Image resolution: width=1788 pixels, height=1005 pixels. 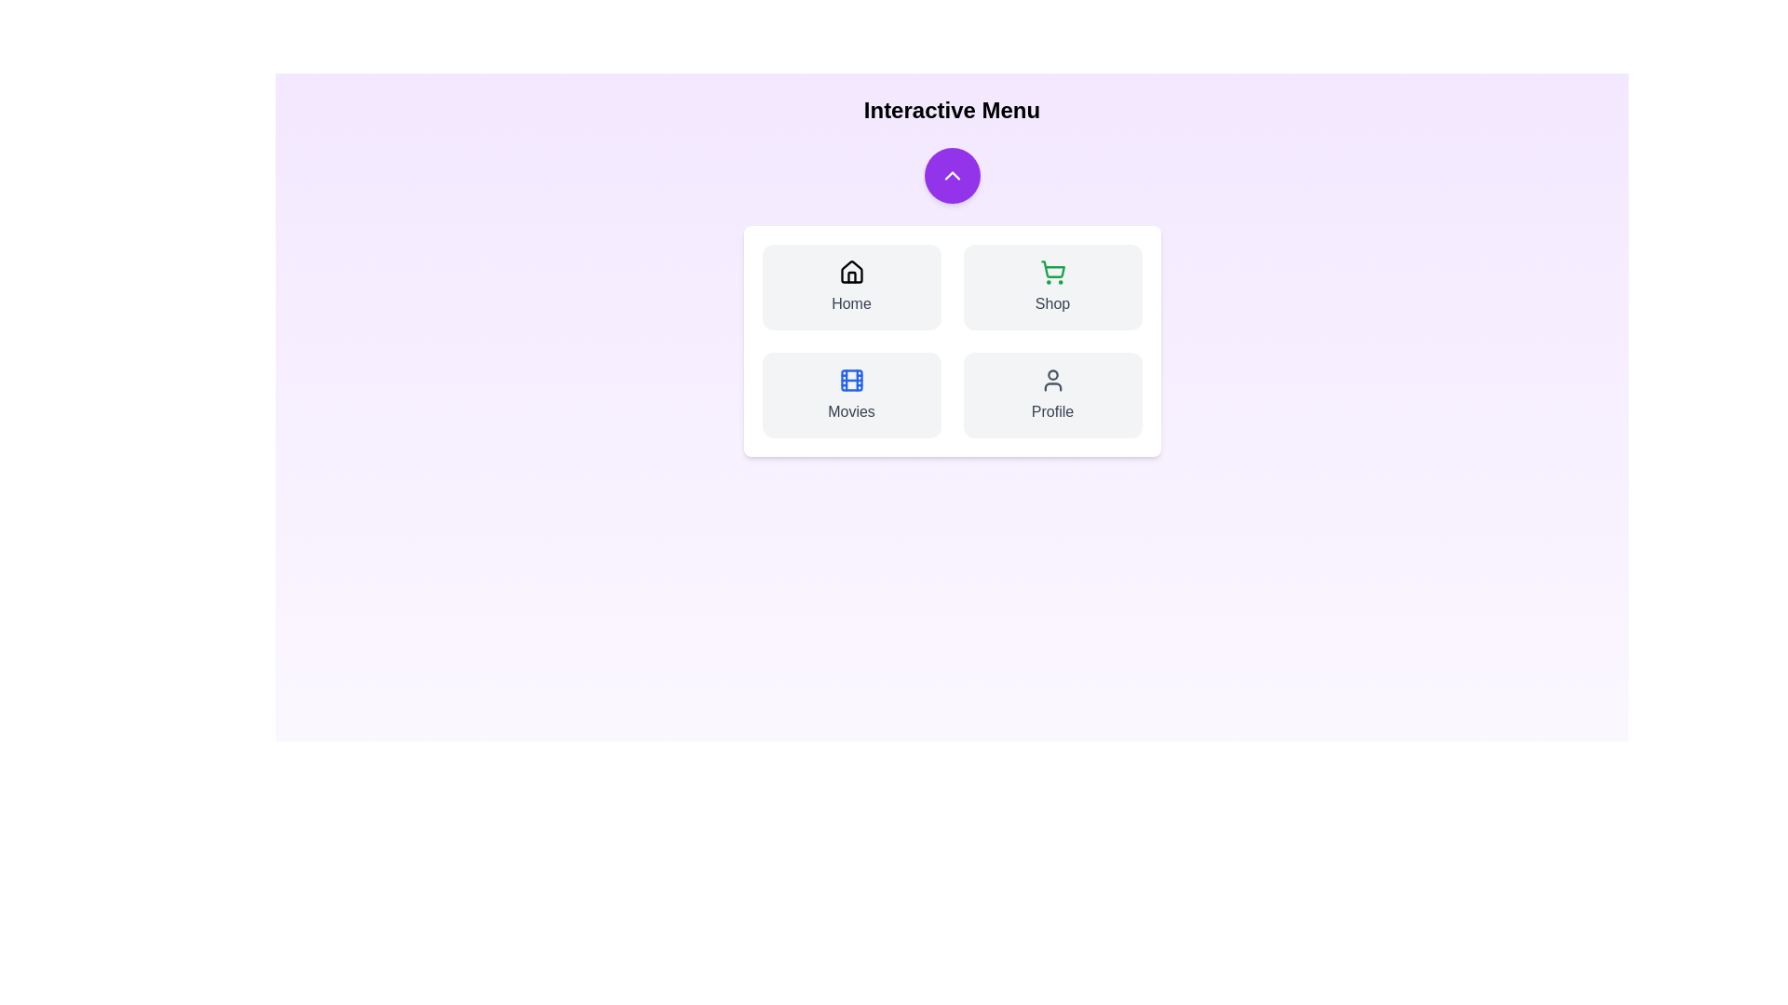 What do you see at coordinates (952, 176) in the screenshot?
I see `purple button to toggle the menu visibility` at bounding box center [952, 176].